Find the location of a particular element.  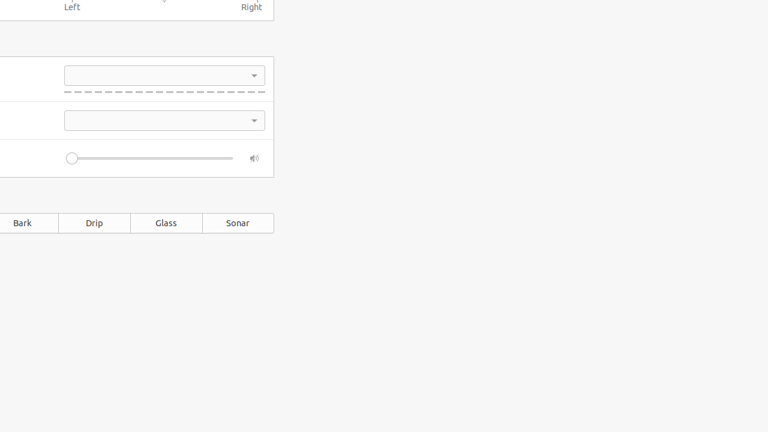

'Drip' is located at coordinates (94, 223).